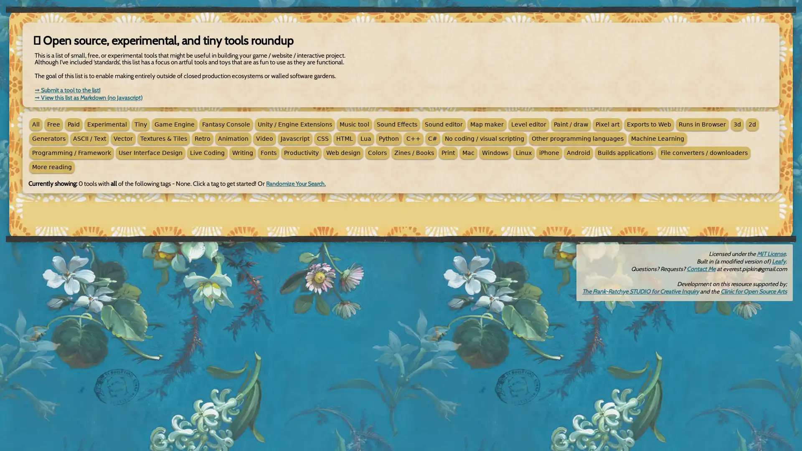 This screenshot has height=451, width=802. Describe the element at coordinates (71, 153) in the screenshot. I see `Programming / Framework` at that location.